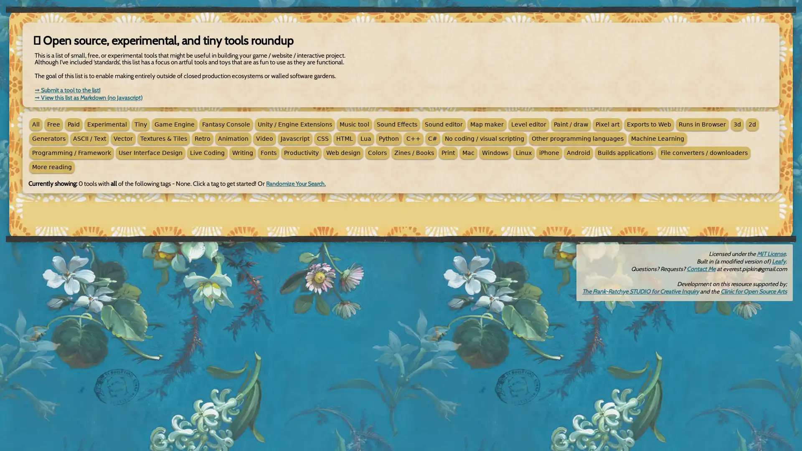 This screenshot has height=451, width=802. Describe the element at coordinates (71, 153) in the screenshot. I see `Programming / Framework` at that location.